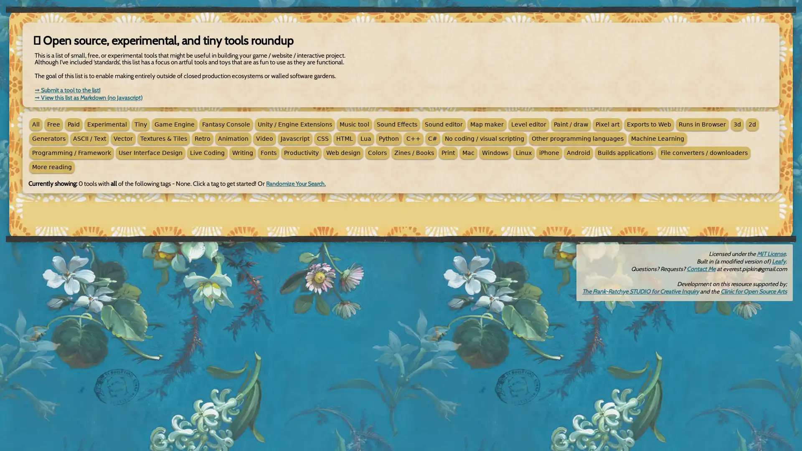 This screenshot has height=451, width=802. Describe the element at coordinates (71, 153) in the screenshot. I see `Programming / Framework` at that location.